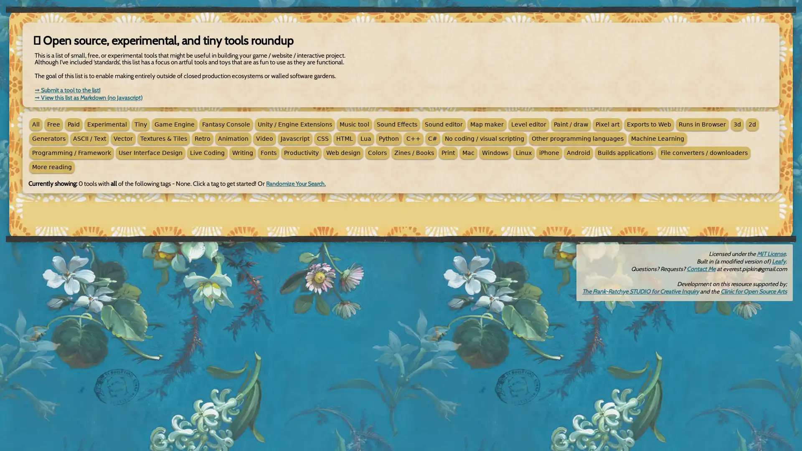 This screenshot has height=451, width=802. Describe the element at coordinates (71, 153) in the screenshot. I see `Programming / Framework` at that location.